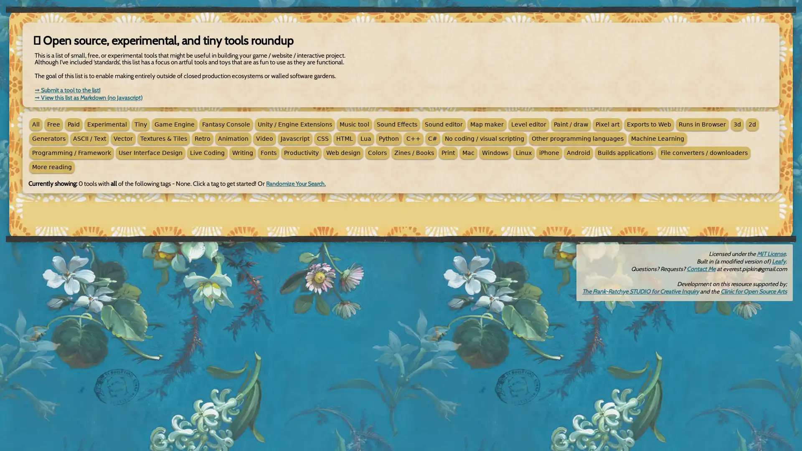 This screenshot has height=451, width=802. Describe the element at coordinates (71, 153) in the screenshot. I see `Programming / Framework` at that location.